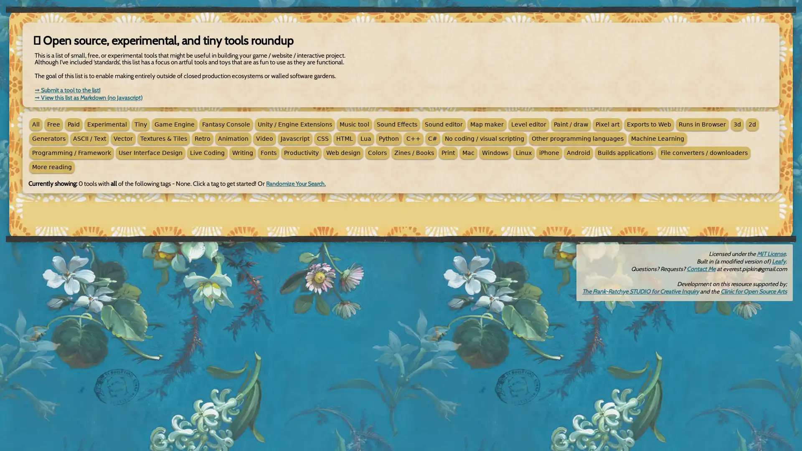 This screenshot has height=451, width=802. Describe the element at coordinates (71, 153) in the screenshot. I see `Programming / Framework` at that location.